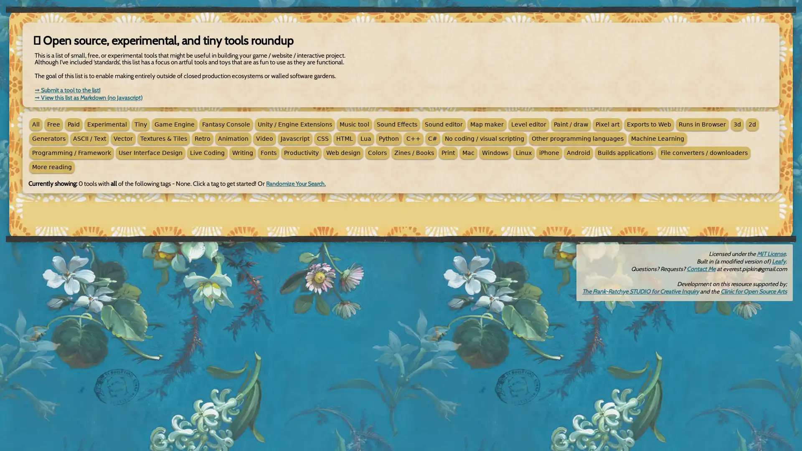 This screenshot has height=451, width=802. Describe the element at coordinates (71, 153) in the screenshot. I see `Programming / Framework` at that location.